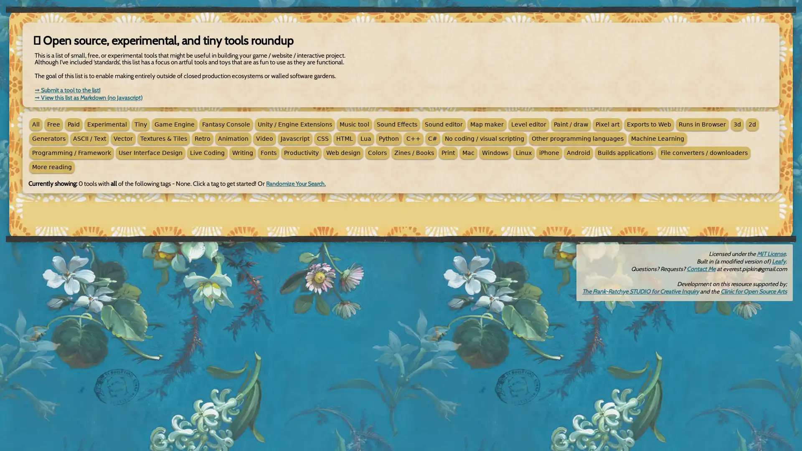 This screenshot has height=451, width=802. Describe the element at coordinates (71, 153) in the screenshot. I see `Programming / Framework` at that location.